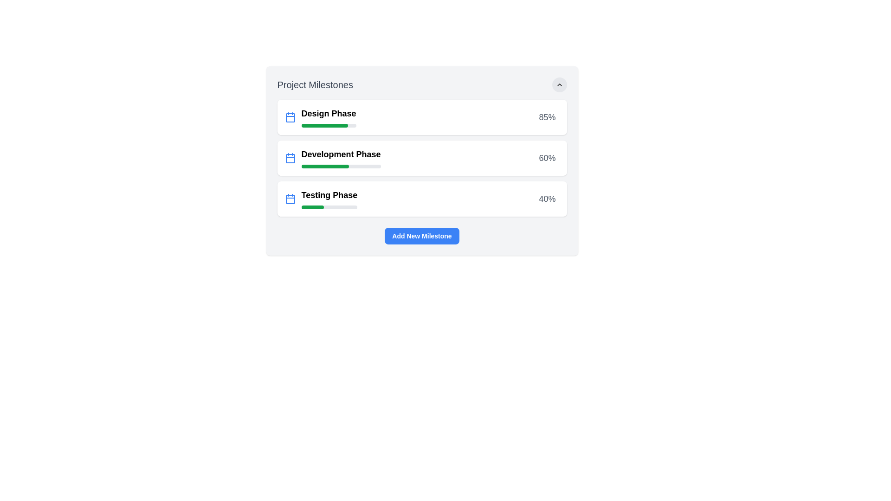  Describe the element at coordinates (559, 84) in the screenshot. I see `the button located at the top-right corner of the 'Project Milestones' section to observe the hover effect` at that location.